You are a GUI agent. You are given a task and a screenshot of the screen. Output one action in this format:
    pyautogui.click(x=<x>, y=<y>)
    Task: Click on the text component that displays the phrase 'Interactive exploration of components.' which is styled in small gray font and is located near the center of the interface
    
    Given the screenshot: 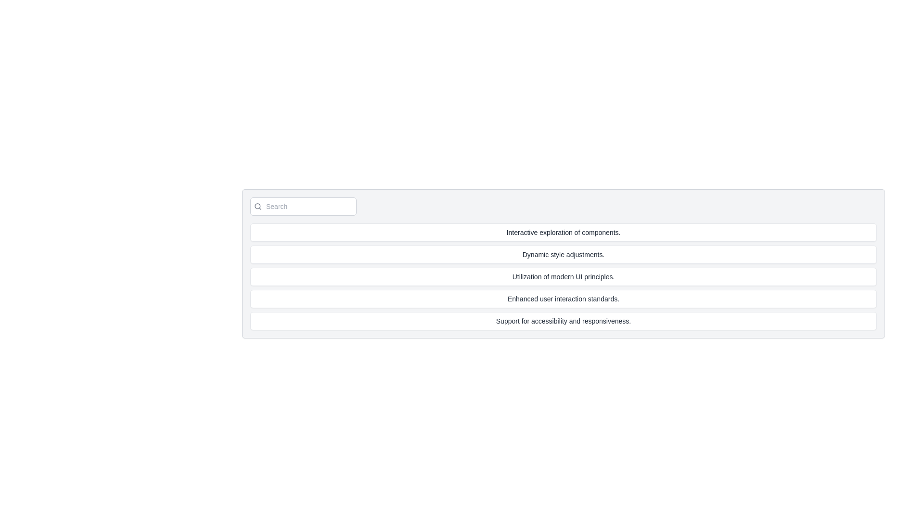 What is the action you would take?
    pyautogui.click(x=564, y=232)
    